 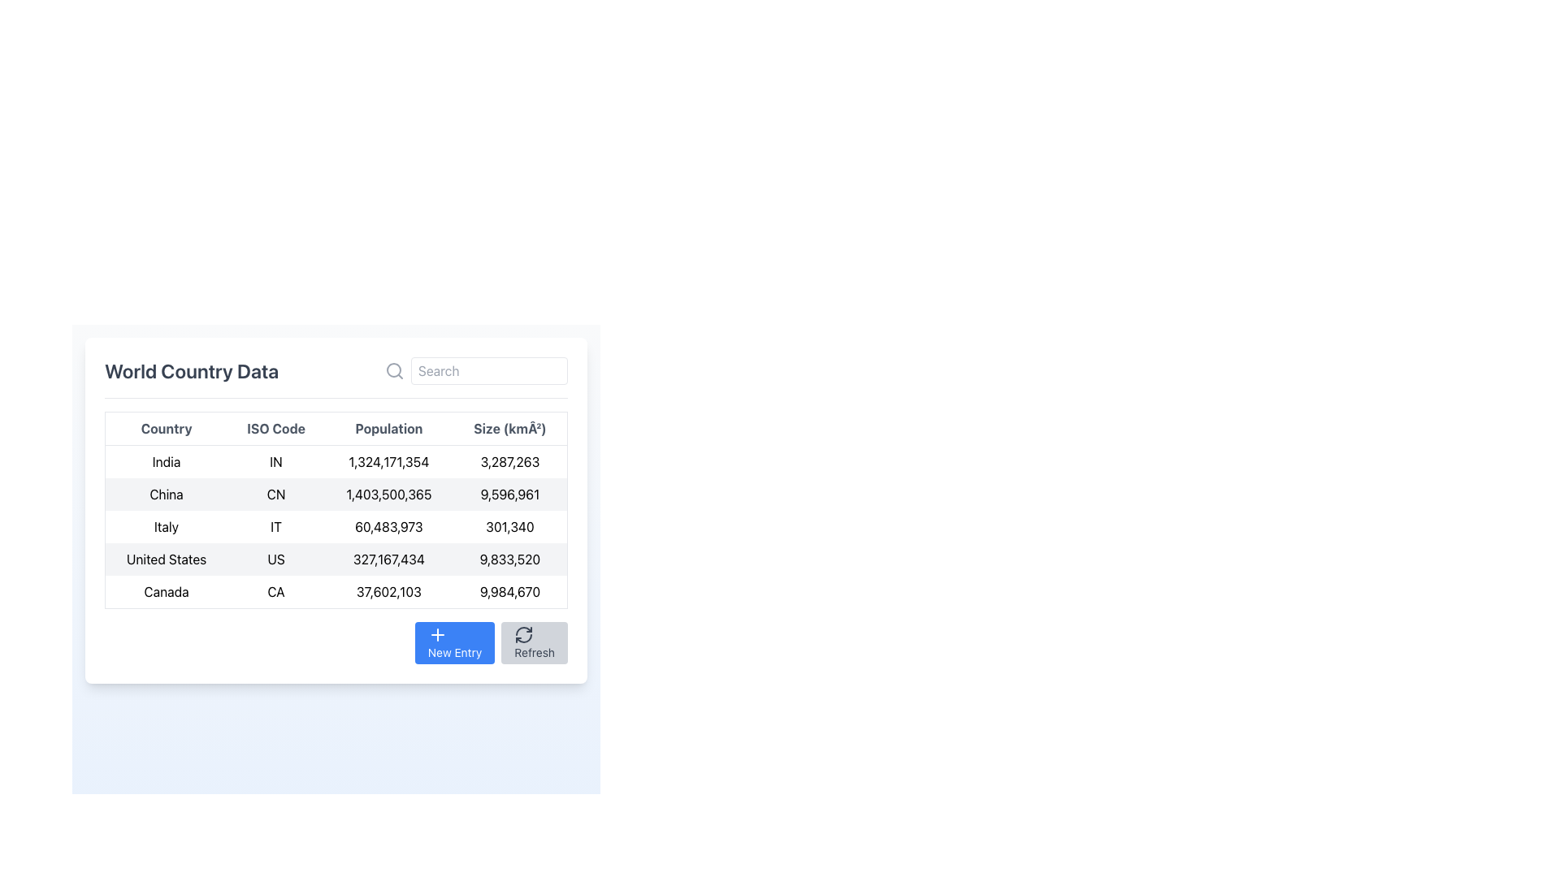 I want to click on the table cell containing the text 'Canada' in the first column of the fifth row under the 'Country' column of the 'World Country Data' table, so click(x=166, y=592).